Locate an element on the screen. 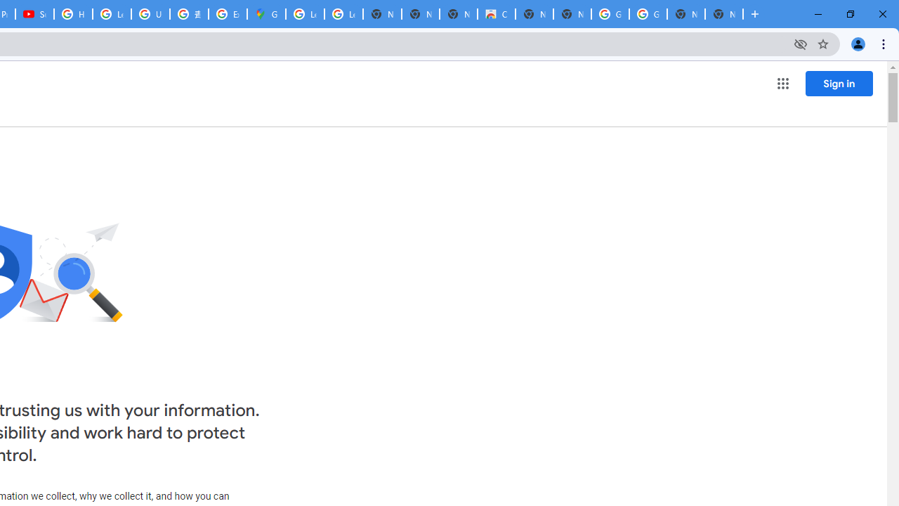 The height and width of the screenshot is (506, 899). 'New Tab' is located at coordinates (724, 14).